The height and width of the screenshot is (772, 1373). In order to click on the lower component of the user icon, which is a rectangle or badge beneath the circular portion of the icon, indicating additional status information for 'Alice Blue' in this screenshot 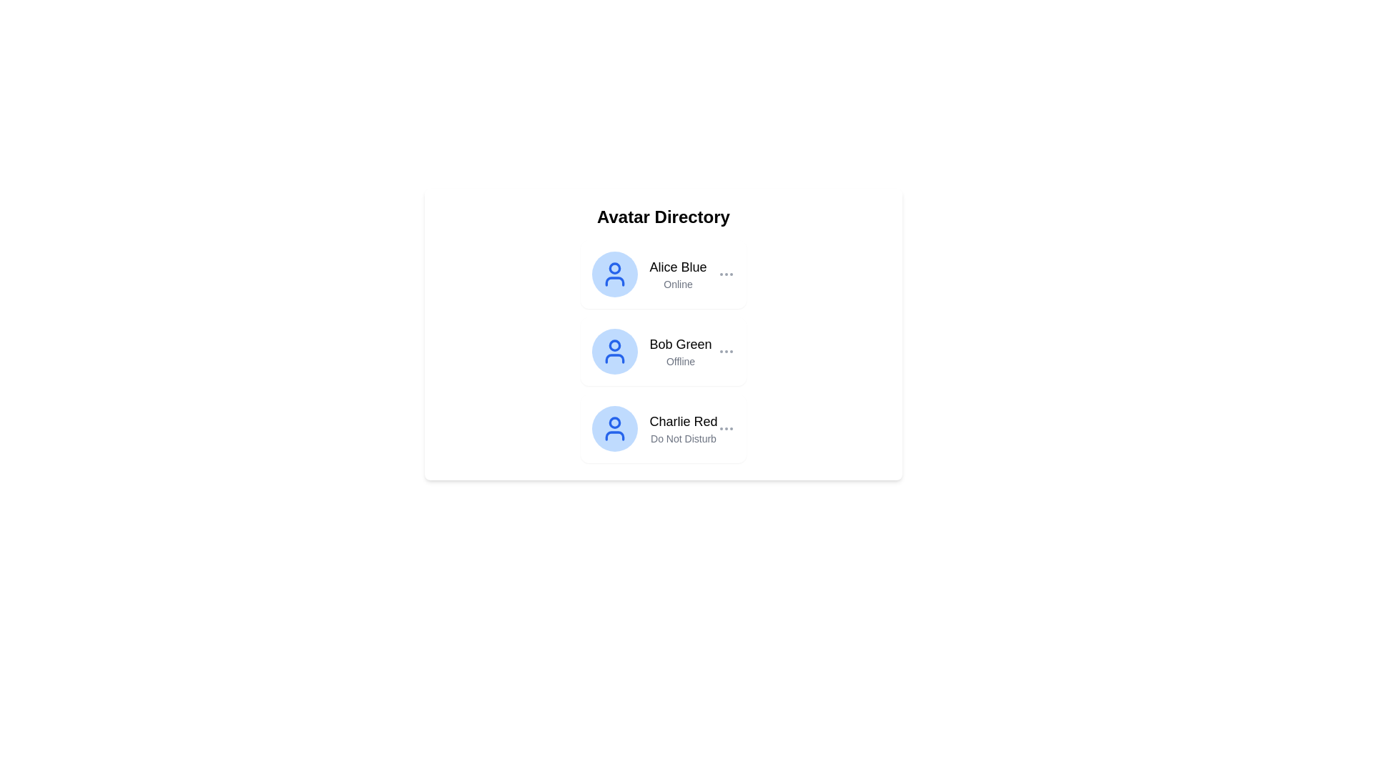, I will do `click(615, 281)`.